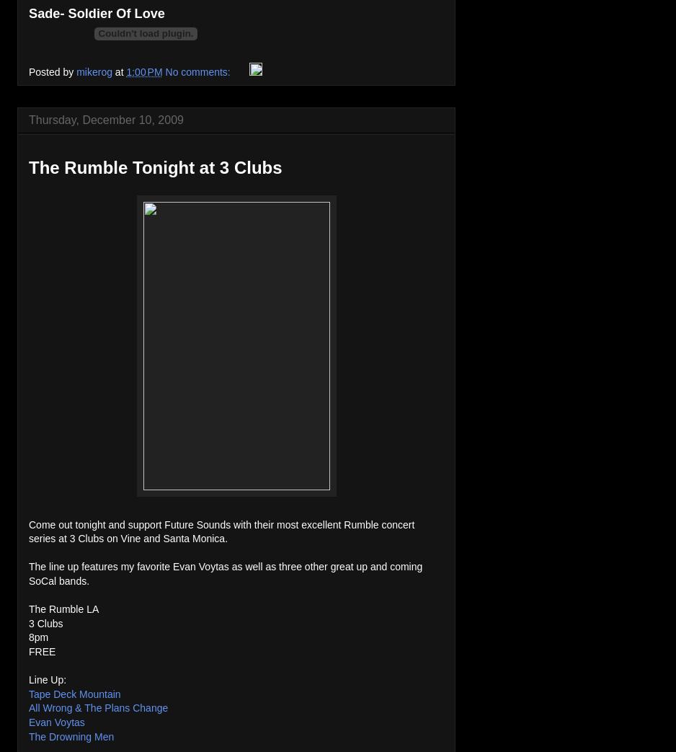 The height and width of the screenshot is (752, 676). Describe the element at coordinates (221, 531) in the screenshot. I see `'Come out tonight and support Future Sounds with their most excellent Rumble concert series at 3 Clubs on Vine and Santa Monica.'` at that location.